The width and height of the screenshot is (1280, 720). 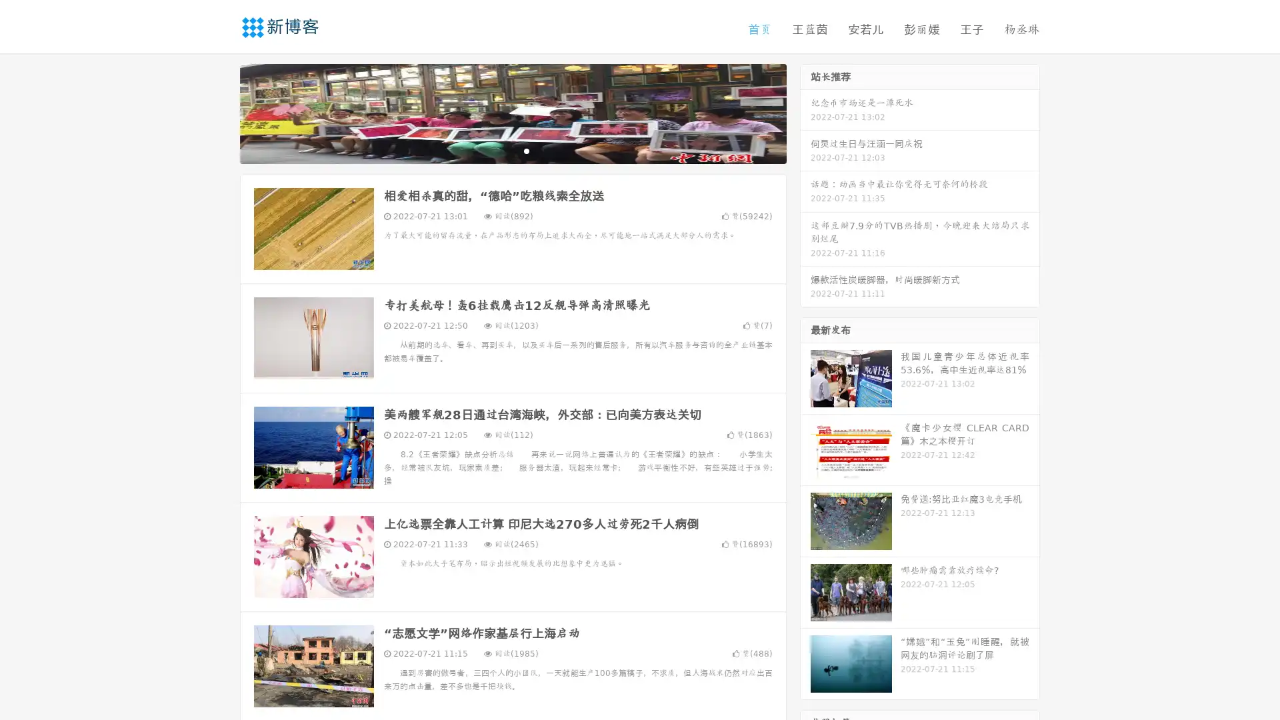 I want to click on Next slide, so click(x=805, y=112).